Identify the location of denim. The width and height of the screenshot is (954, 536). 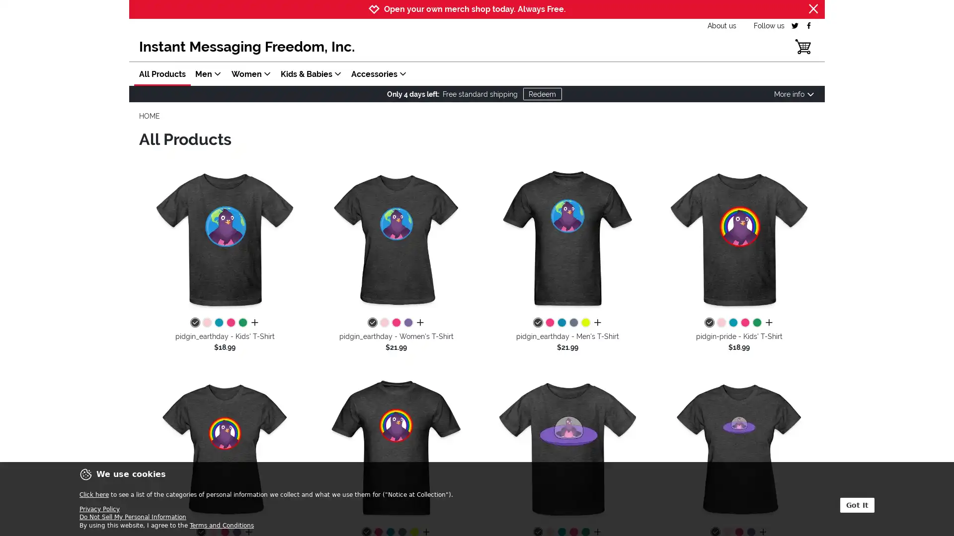
(573, 323).